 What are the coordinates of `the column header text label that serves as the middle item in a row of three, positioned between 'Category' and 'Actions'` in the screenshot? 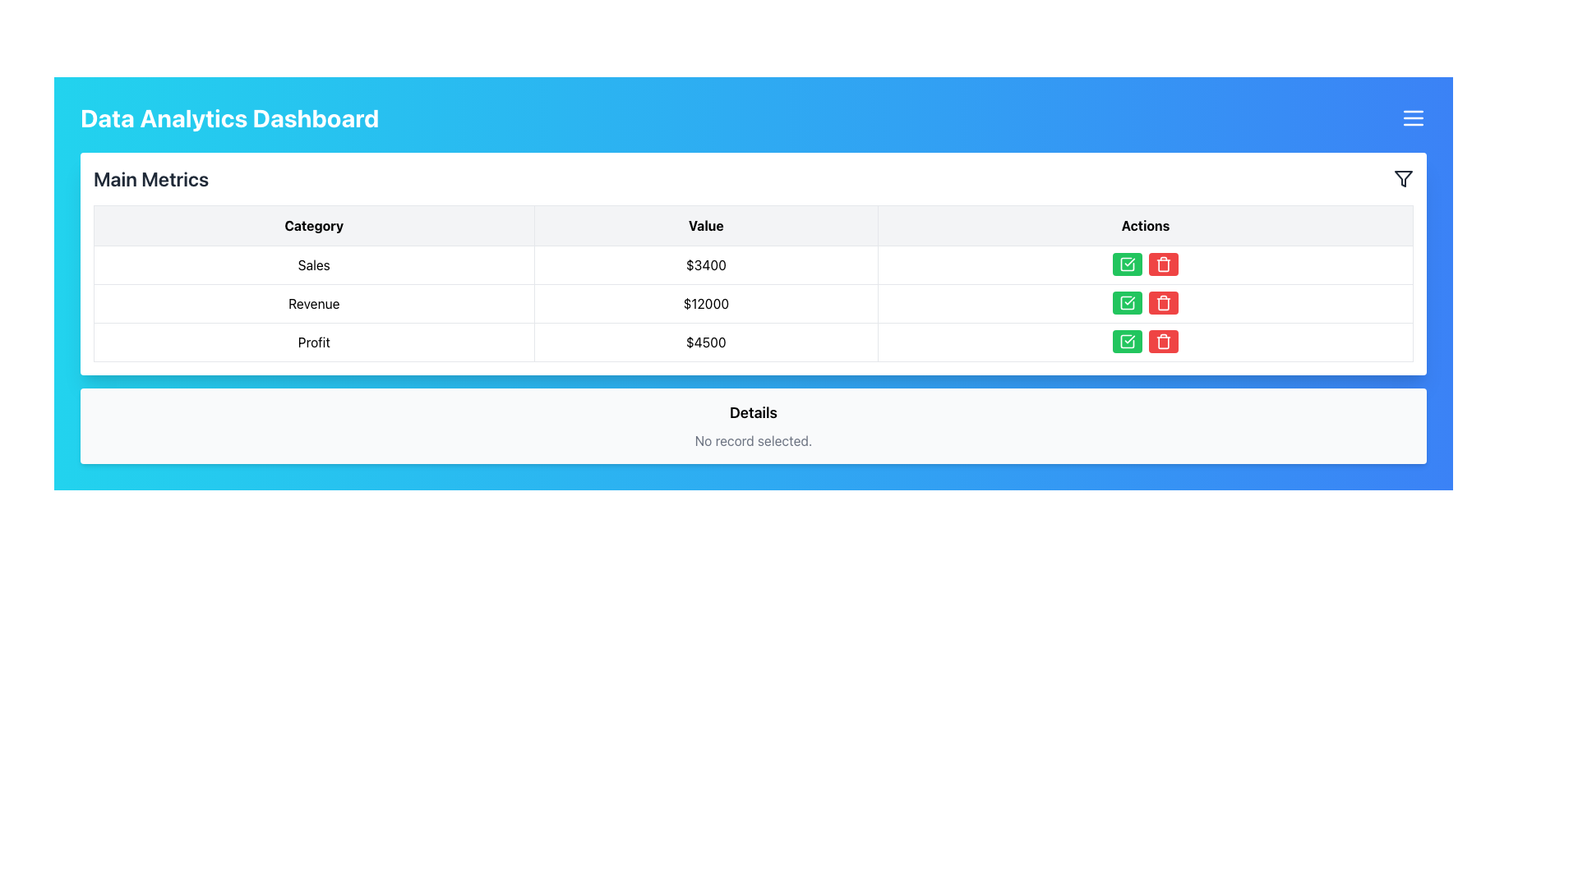 It's located at (706, 225).